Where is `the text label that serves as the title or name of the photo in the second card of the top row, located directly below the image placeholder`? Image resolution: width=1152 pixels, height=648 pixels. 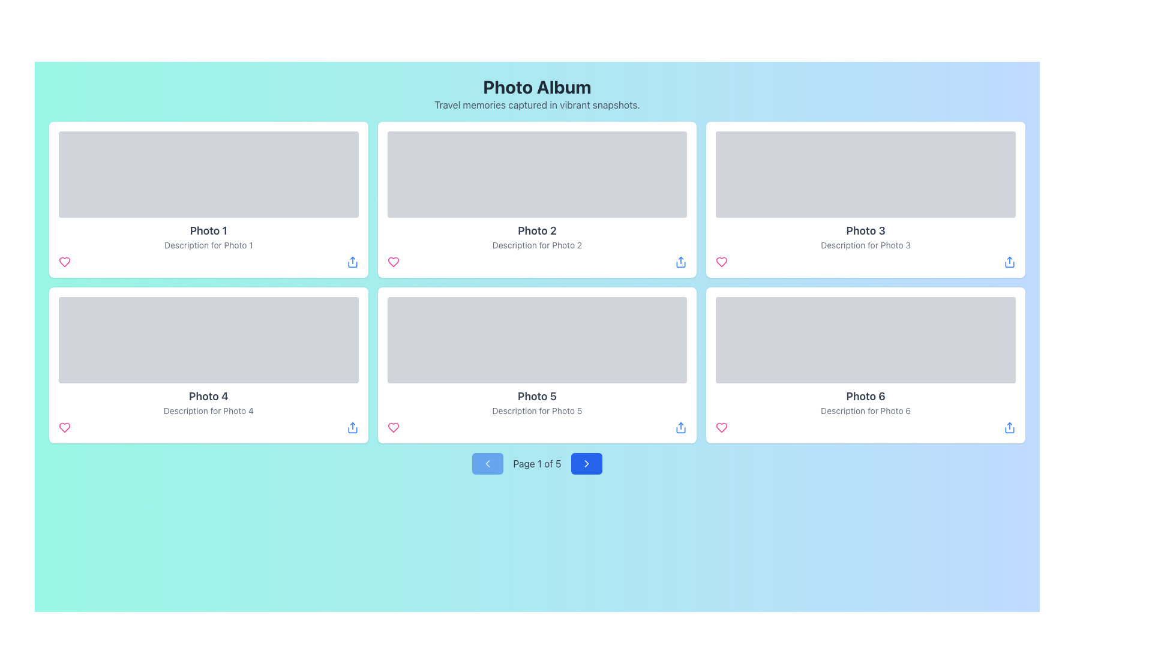 the text label that serves as the title or name of the photo in the second card of the top row, located directly below the image placeholder is located at coordinates (536, 231).